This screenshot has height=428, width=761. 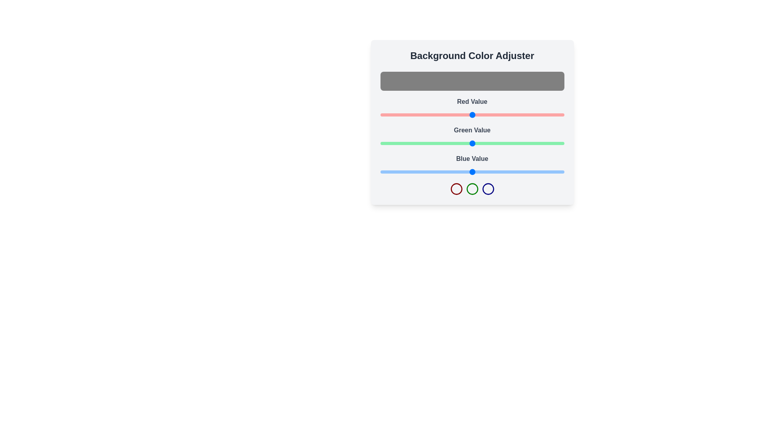 What do you see at coordinates (470, 143) in the screenshot?
I see `the green slider to set the green color value to 125` at bounding box center [470, 143].